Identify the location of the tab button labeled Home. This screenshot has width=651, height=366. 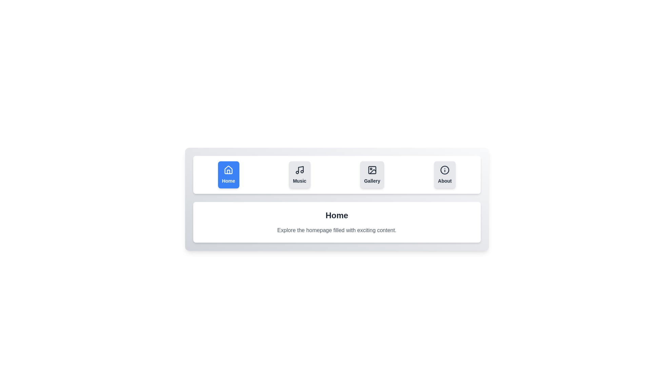
(229, 175).